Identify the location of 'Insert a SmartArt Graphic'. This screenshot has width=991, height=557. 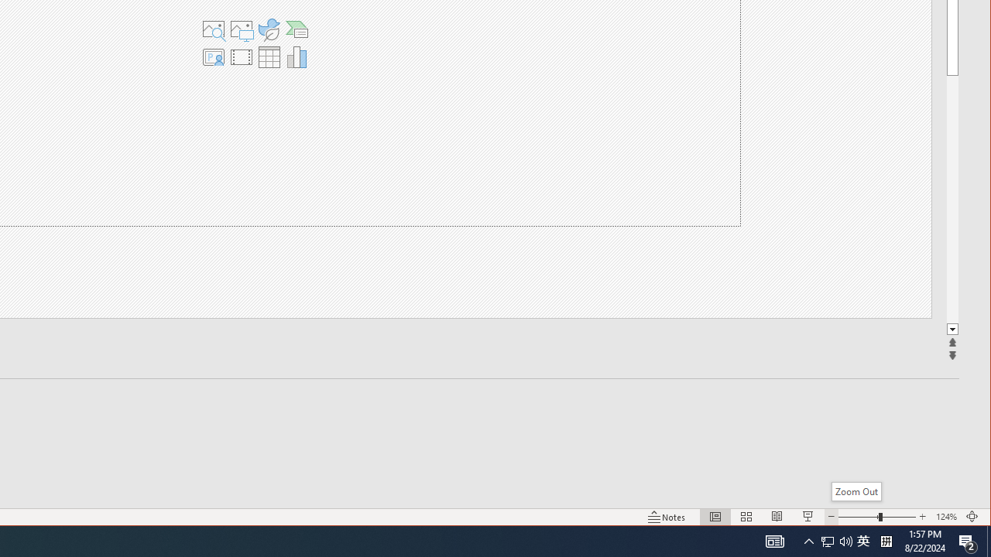
(297, 29).